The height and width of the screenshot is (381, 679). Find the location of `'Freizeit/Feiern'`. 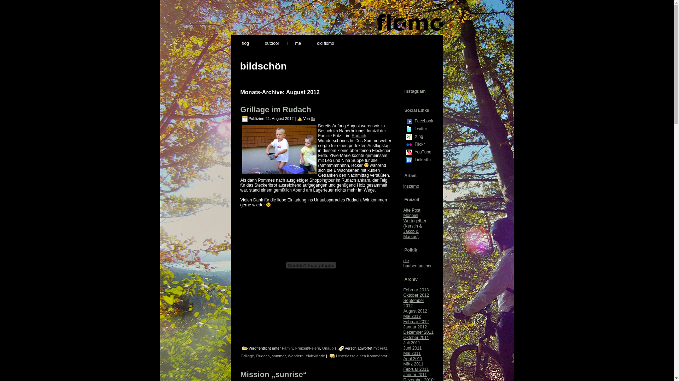

'Freizeit/Feiern' is located at coordinates (307, 348).